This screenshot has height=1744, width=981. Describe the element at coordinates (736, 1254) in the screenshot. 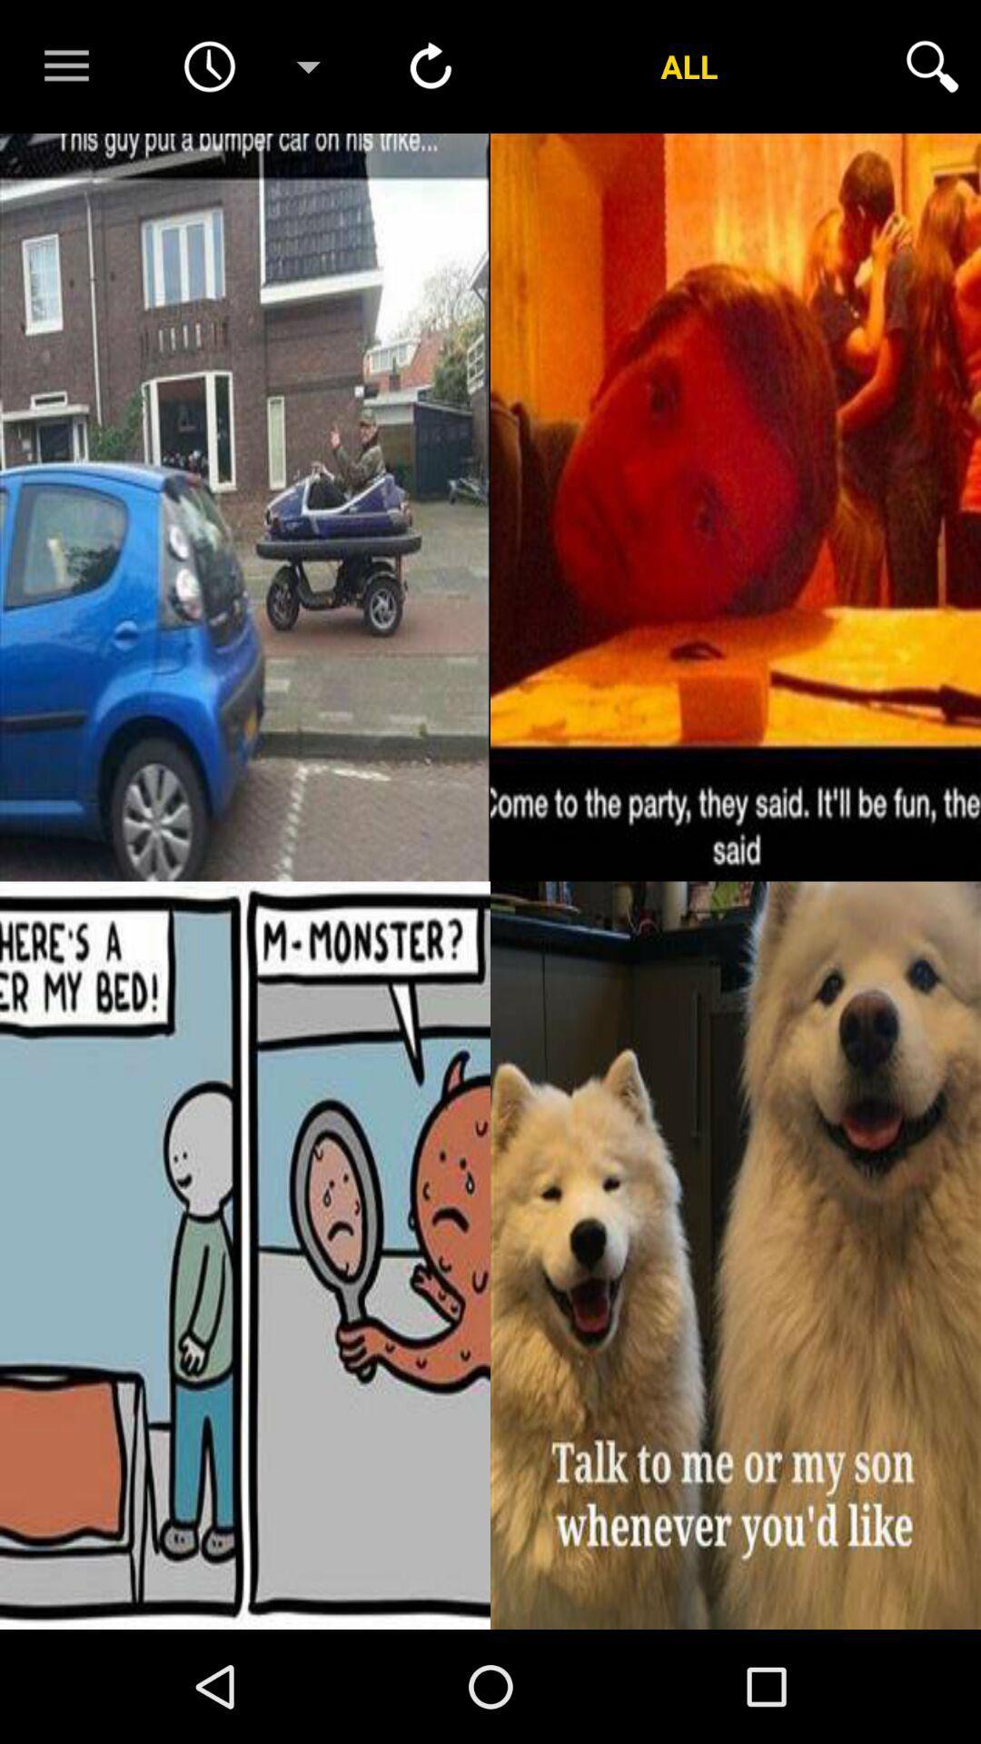

I see `the image` at that location.